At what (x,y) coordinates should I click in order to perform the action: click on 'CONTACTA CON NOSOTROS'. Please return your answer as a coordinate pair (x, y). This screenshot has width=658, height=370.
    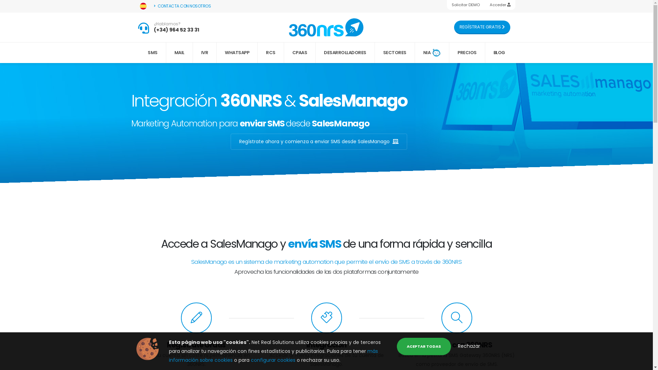
    Looking at the image, I should click on (182, 6).